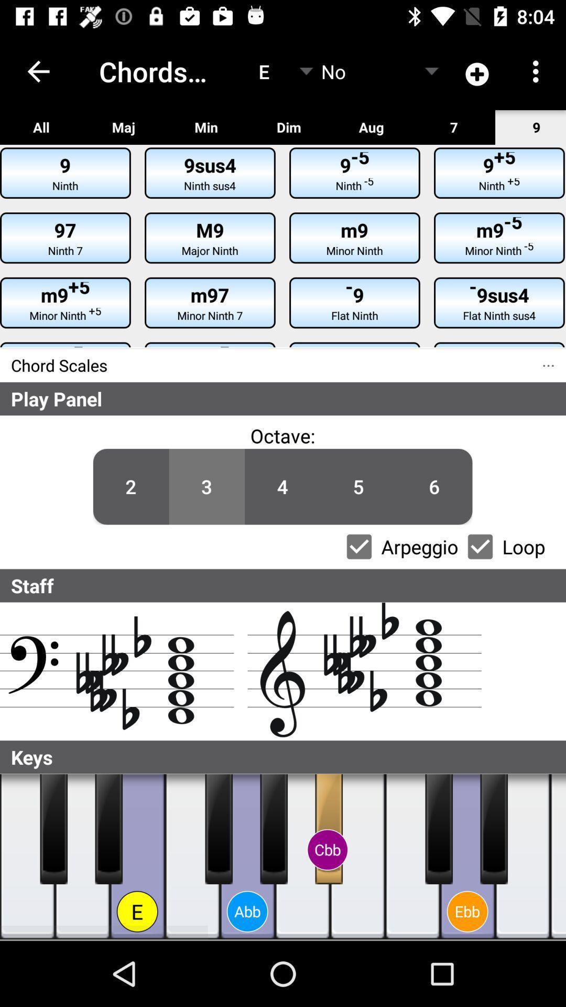 This screenshot has height=1007, width=566. I want to click on piano key, so click(273, 828).